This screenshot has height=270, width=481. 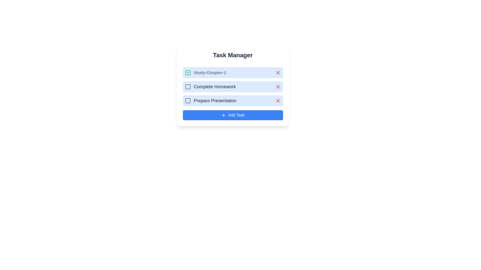 What do you see at coordinates (223, 115) in the screenshot?
I see `the plus icon located within the blue 'Add Task' button` at bounding box center [223, 115].